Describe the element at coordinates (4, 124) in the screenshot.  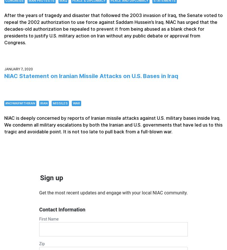
I see `'NIAC is deeply concerned by reports of Iranian missile attacks against U.S. military bases inside Iraq. We condemn all military escalations by both the Iranian and U.S. governments that have led us to this tragic and avoidable point. It is not too late to pull back from a full-blown war.'` at that location.